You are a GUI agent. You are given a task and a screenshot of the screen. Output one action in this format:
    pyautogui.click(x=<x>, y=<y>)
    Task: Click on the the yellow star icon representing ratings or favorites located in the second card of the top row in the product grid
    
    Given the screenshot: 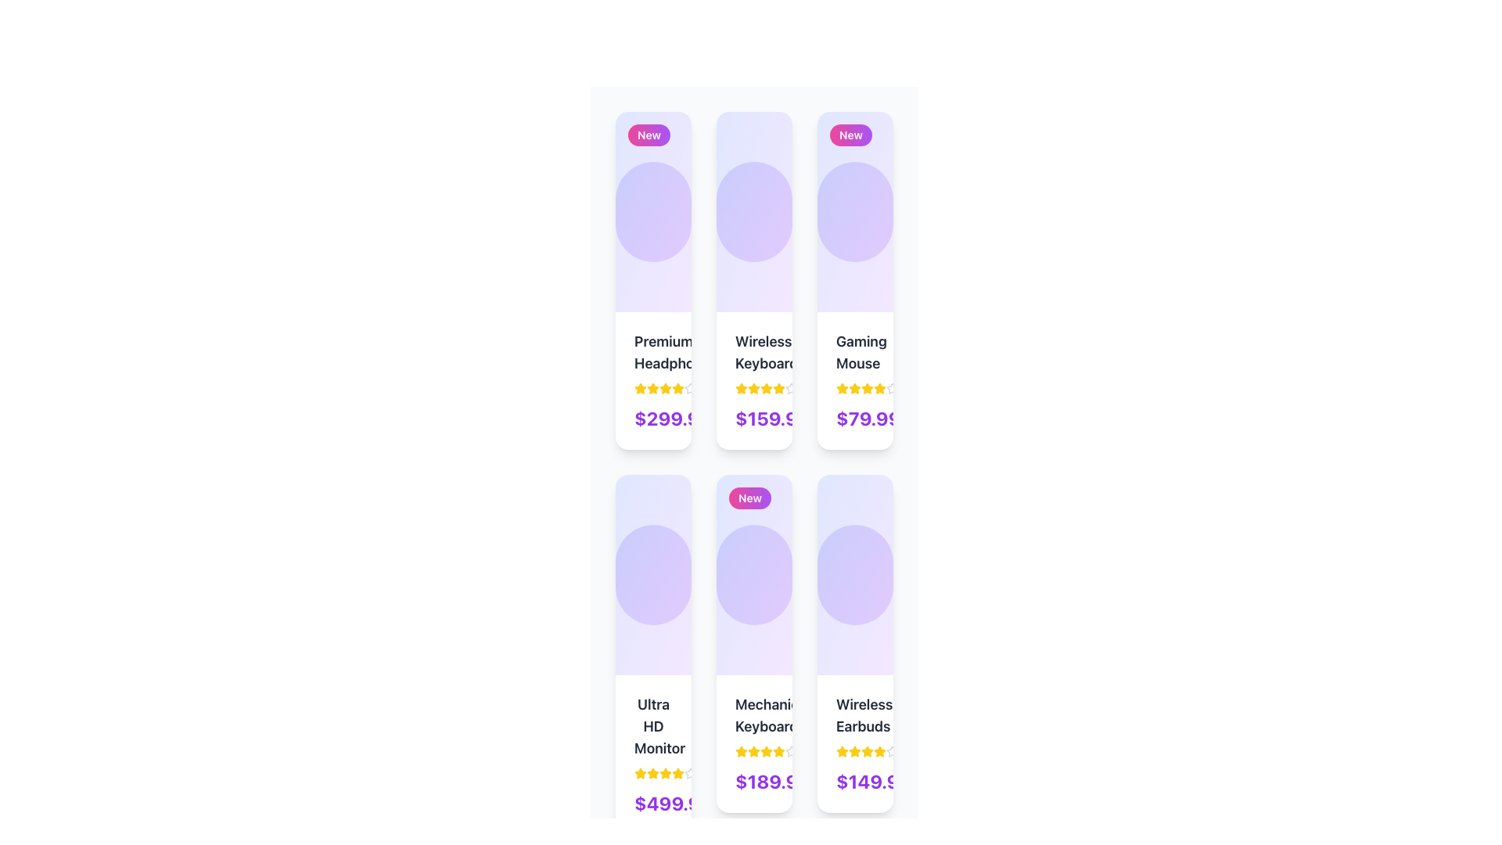 What is the action you would take?
    pyautogui.click(x=754, y=387)
    